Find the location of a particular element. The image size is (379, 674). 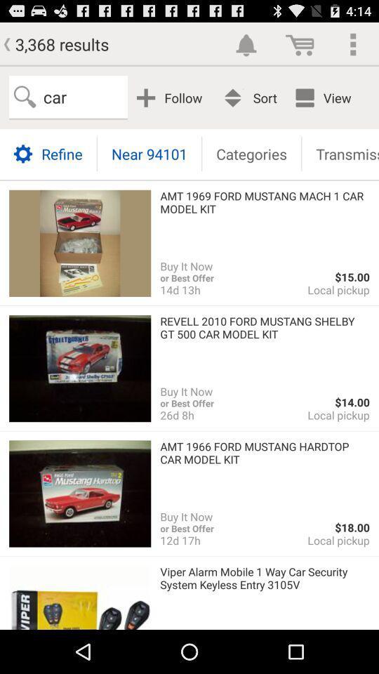

the app below follow is located at coordinates (148, 153).